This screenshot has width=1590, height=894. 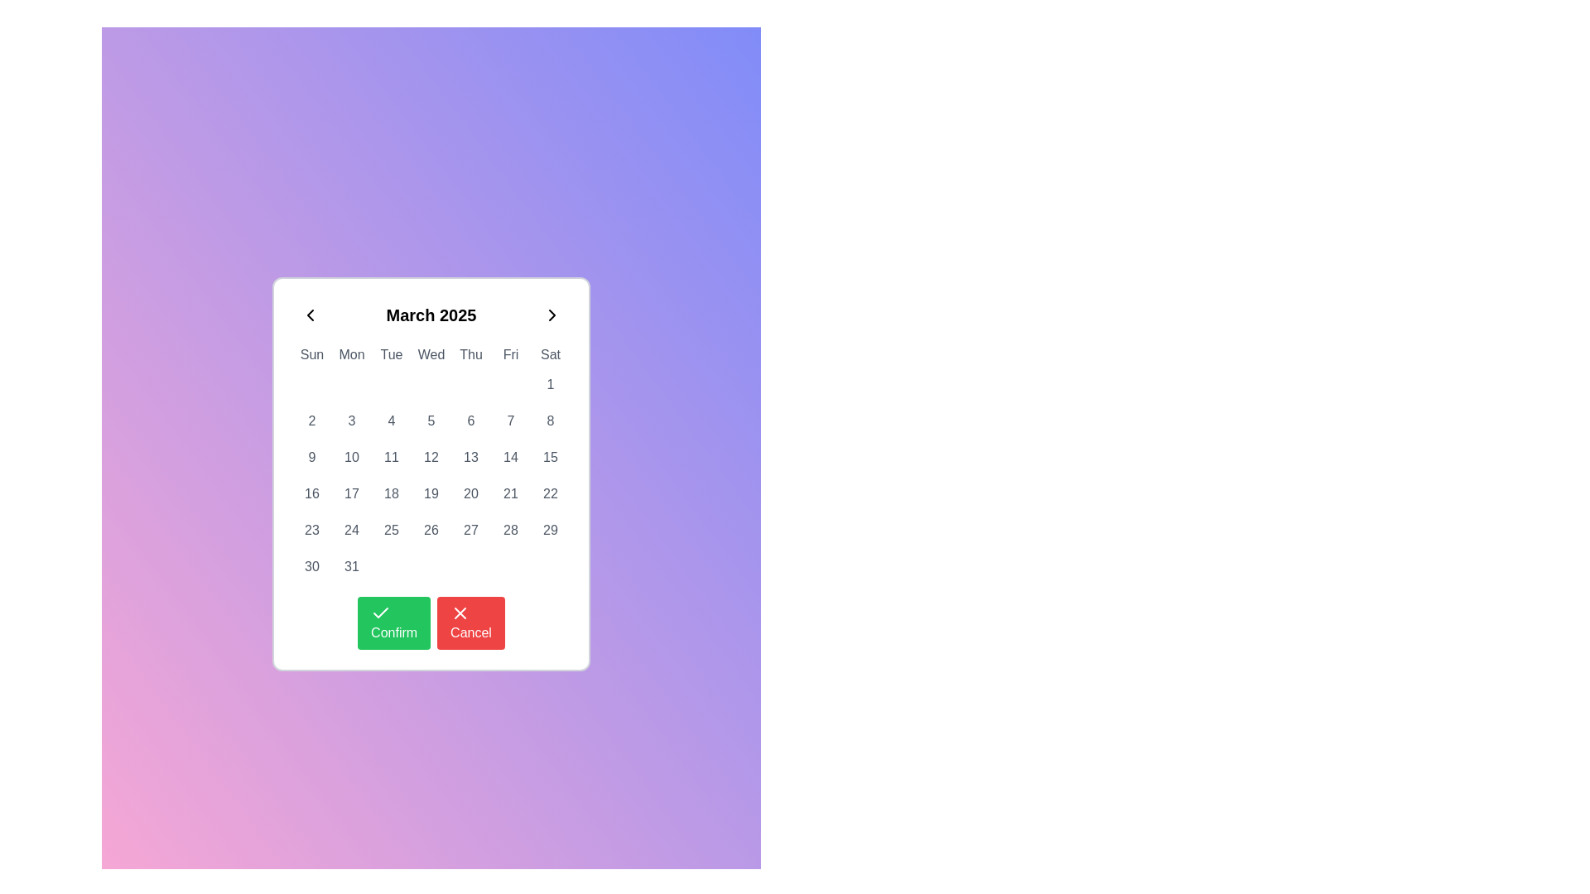 I want to click on the calendar button representing Friday in the third row and sixth column, so click(x=510, y=457).